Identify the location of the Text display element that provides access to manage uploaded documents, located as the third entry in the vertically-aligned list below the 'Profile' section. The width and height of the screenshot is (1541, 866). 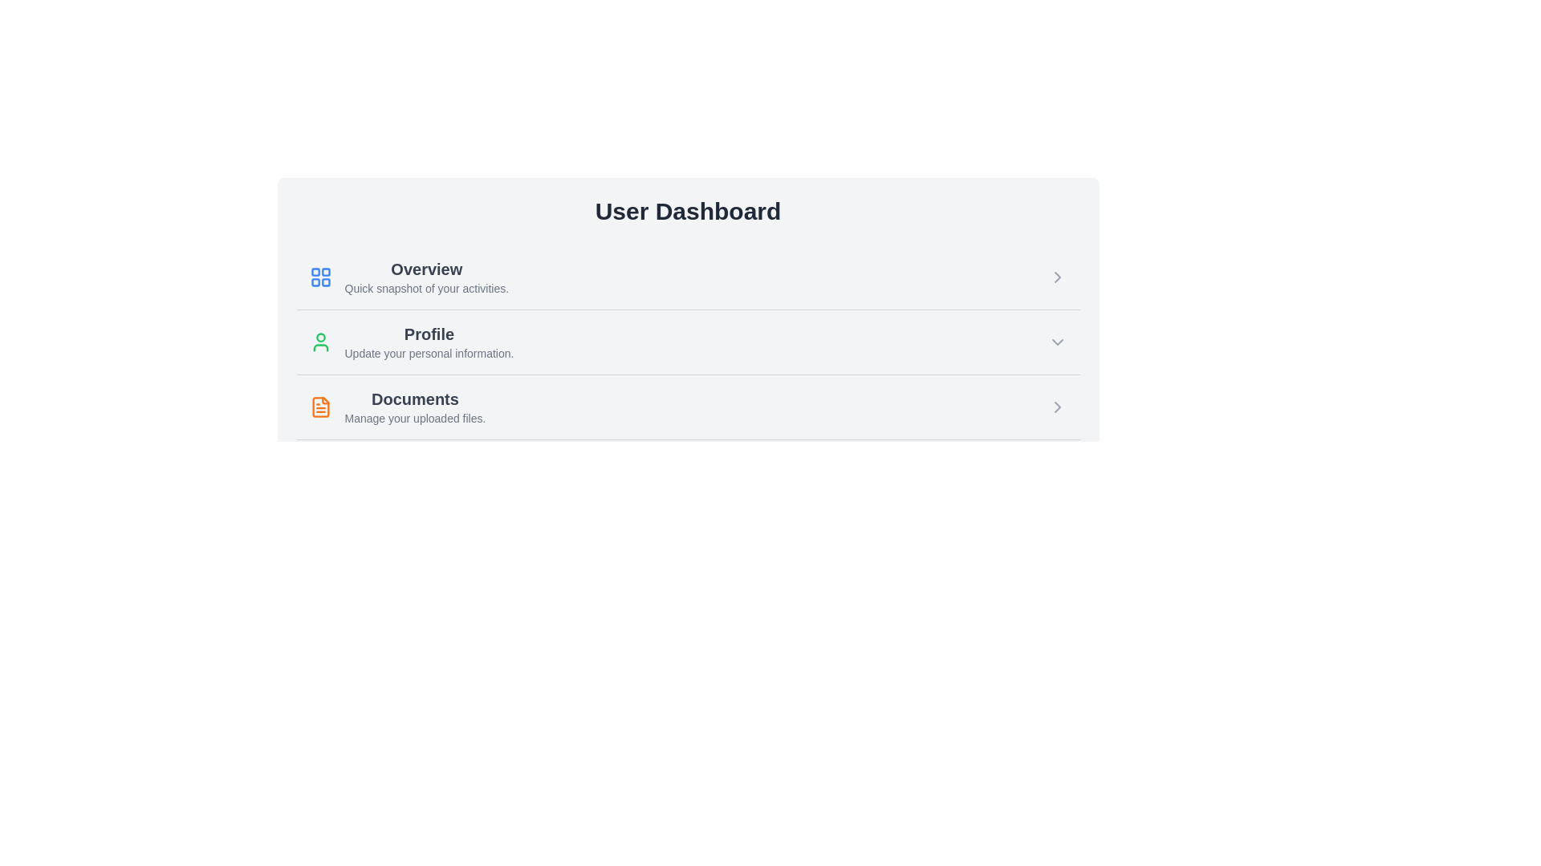
(415, 407).